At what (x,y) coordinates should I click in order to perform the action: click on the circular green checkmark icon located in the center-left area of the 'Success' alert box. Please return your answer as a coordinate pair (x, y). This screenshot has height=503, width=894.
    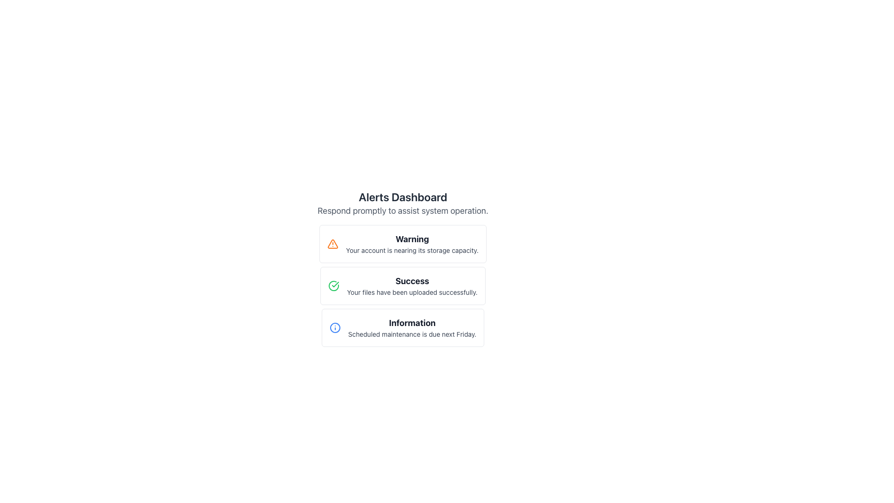
    Looking at the image, I should click on (334, 285).